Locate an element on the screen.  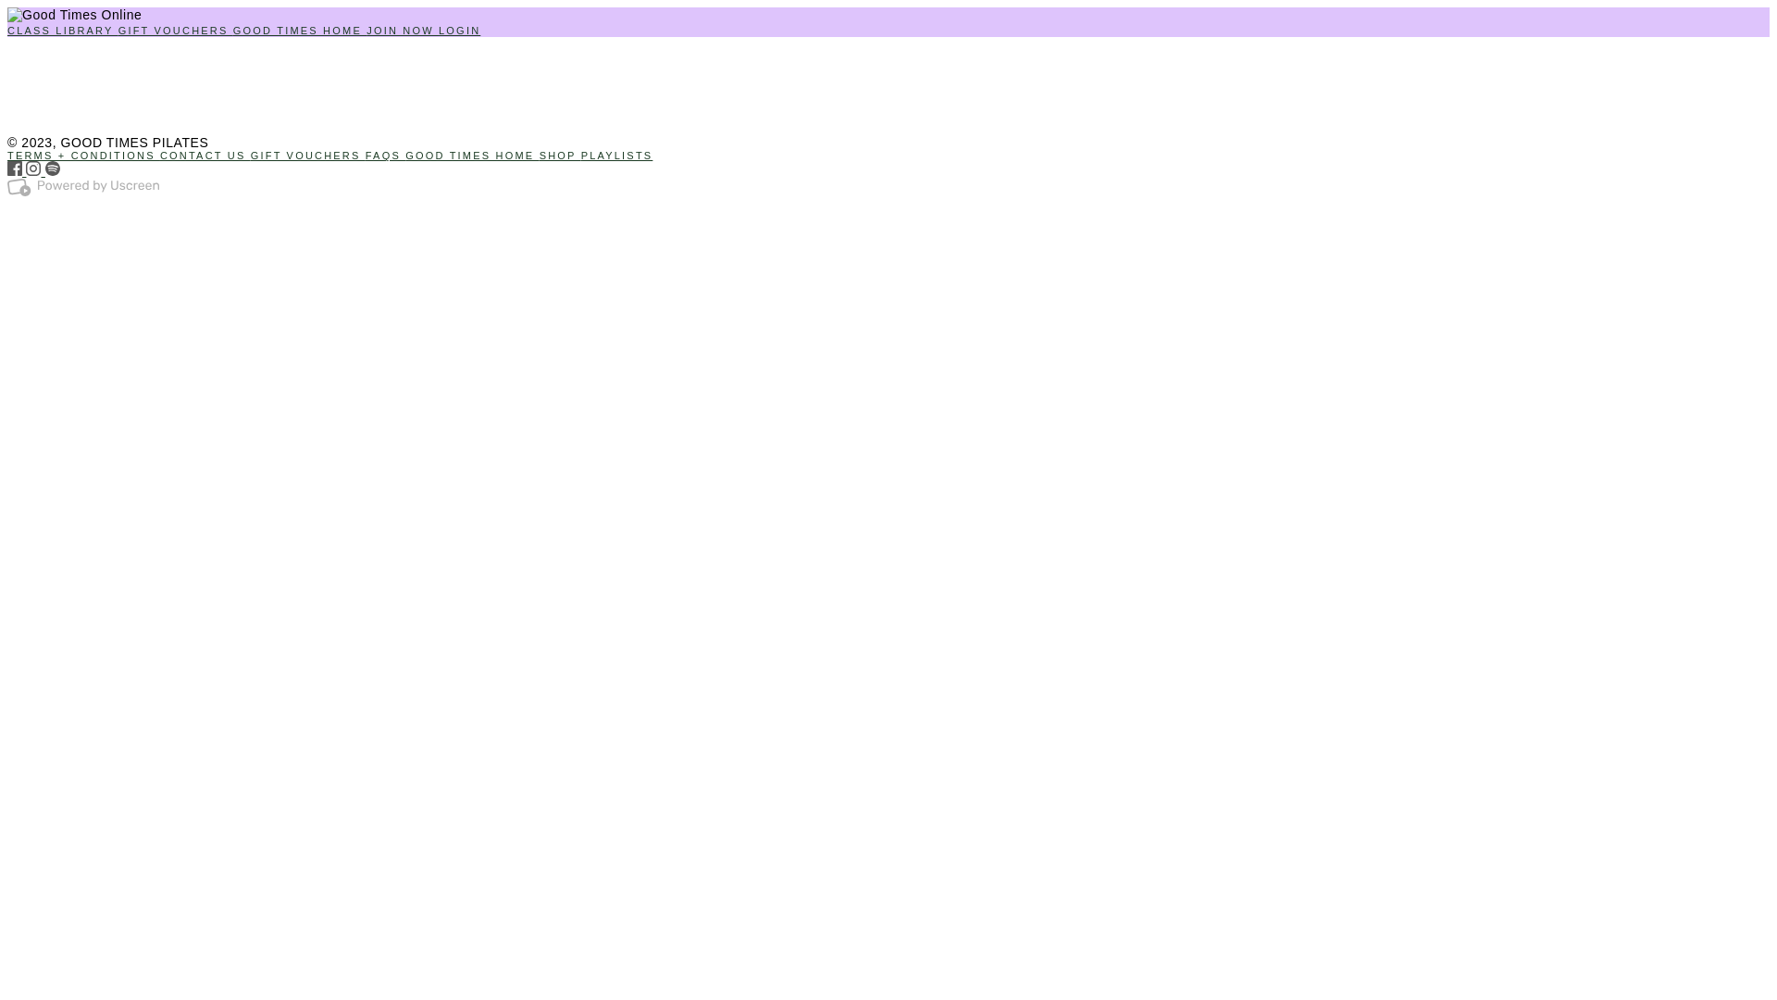
'LOGIN' is located at coordinates (438, 31).